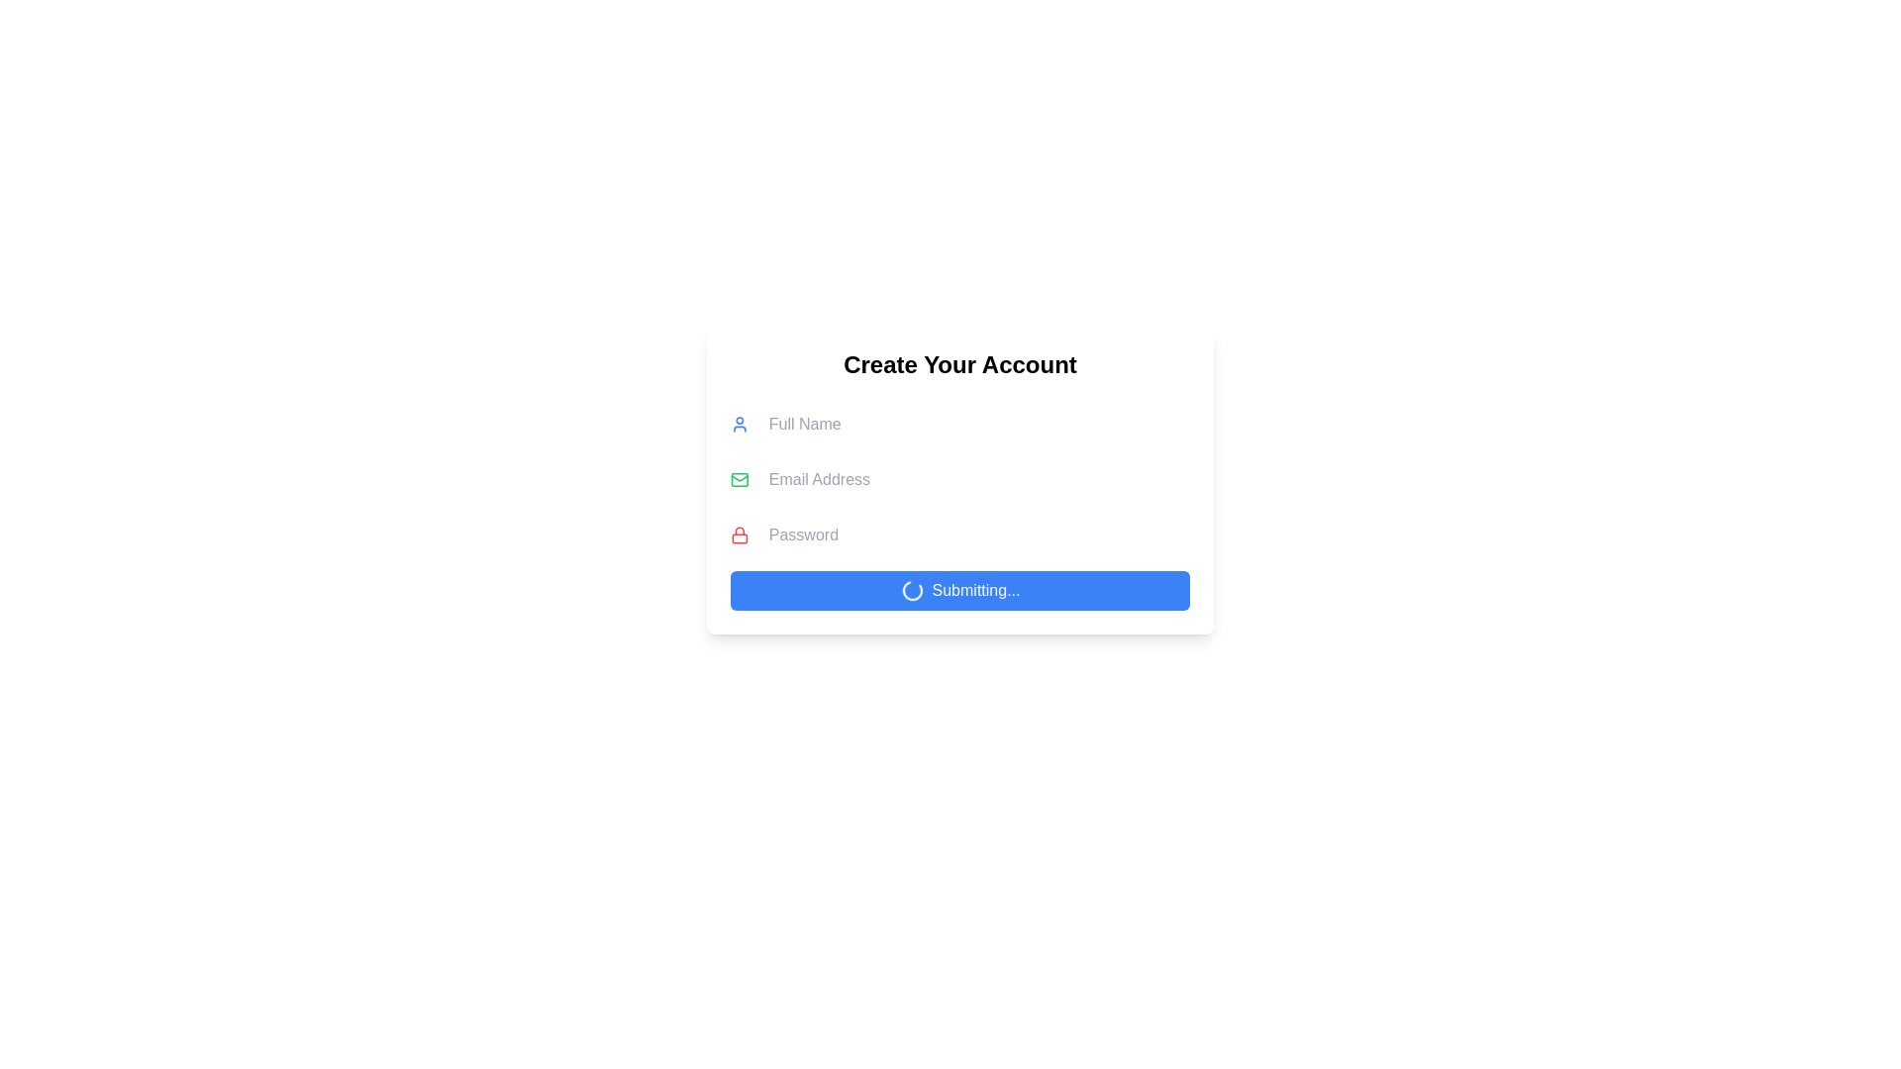 The height and width of the screenshot is (1069, 1901). What do you see at coordinates (739, 480) in the screenshot?
I see `the rectangular body of the envelope icon, which features a green outline and is located to the left of the 'Email Address' input field in the registration interface` at bounding box center [739, 480].